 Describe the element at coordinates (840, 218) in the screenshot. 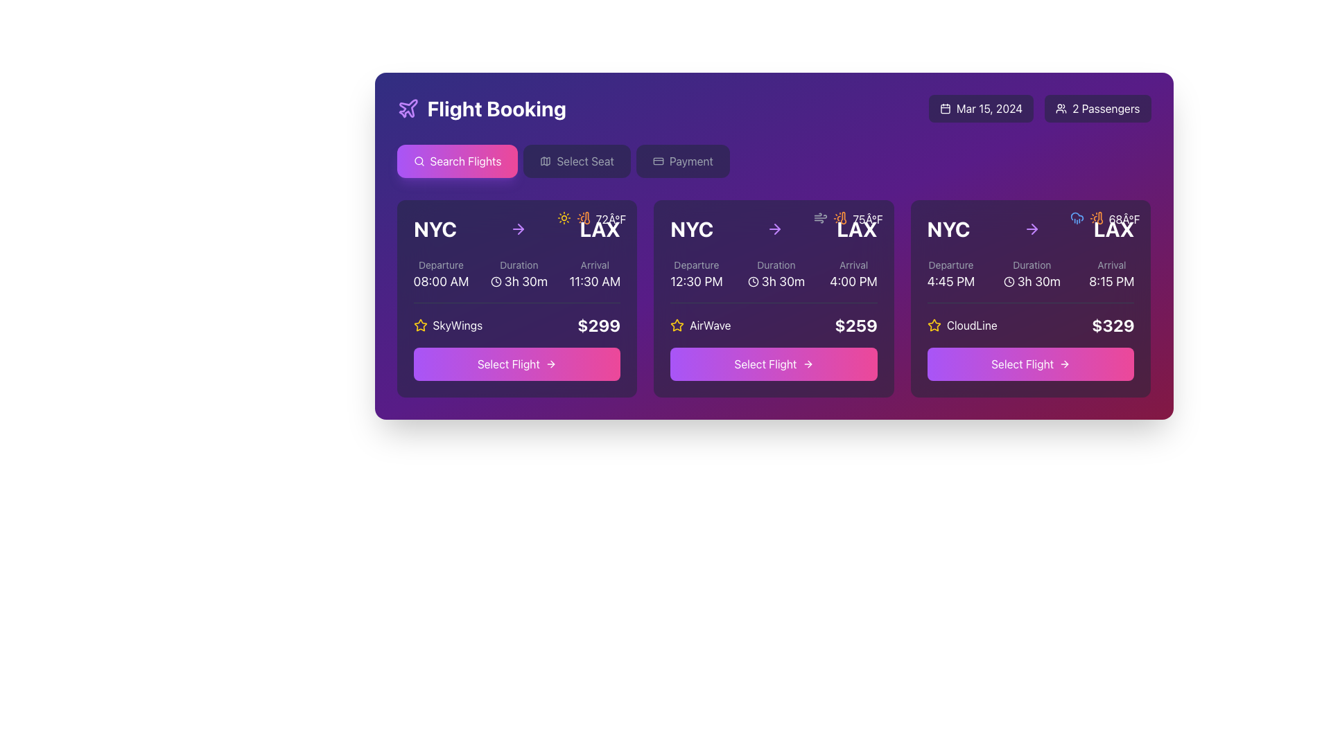

I see `the weather icon located in the top-right corner of the card representing the second flight option for a route from NYC to LAX` at that location.